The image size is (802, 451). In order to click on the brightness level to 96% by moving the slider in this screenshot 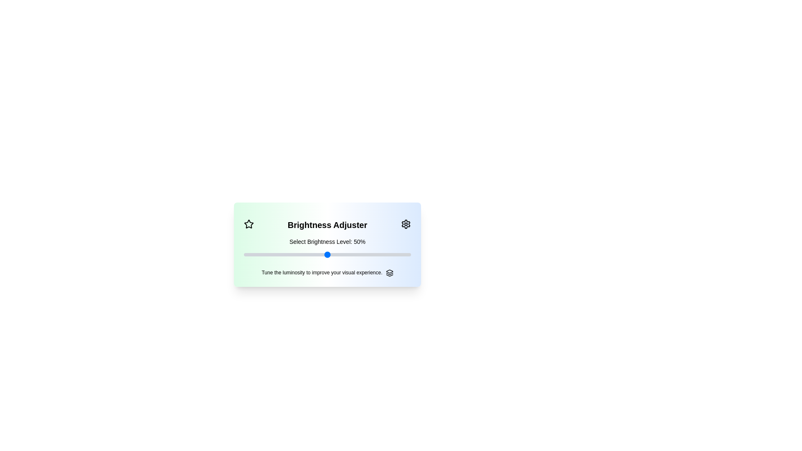, I will do `click(404, 254)`.